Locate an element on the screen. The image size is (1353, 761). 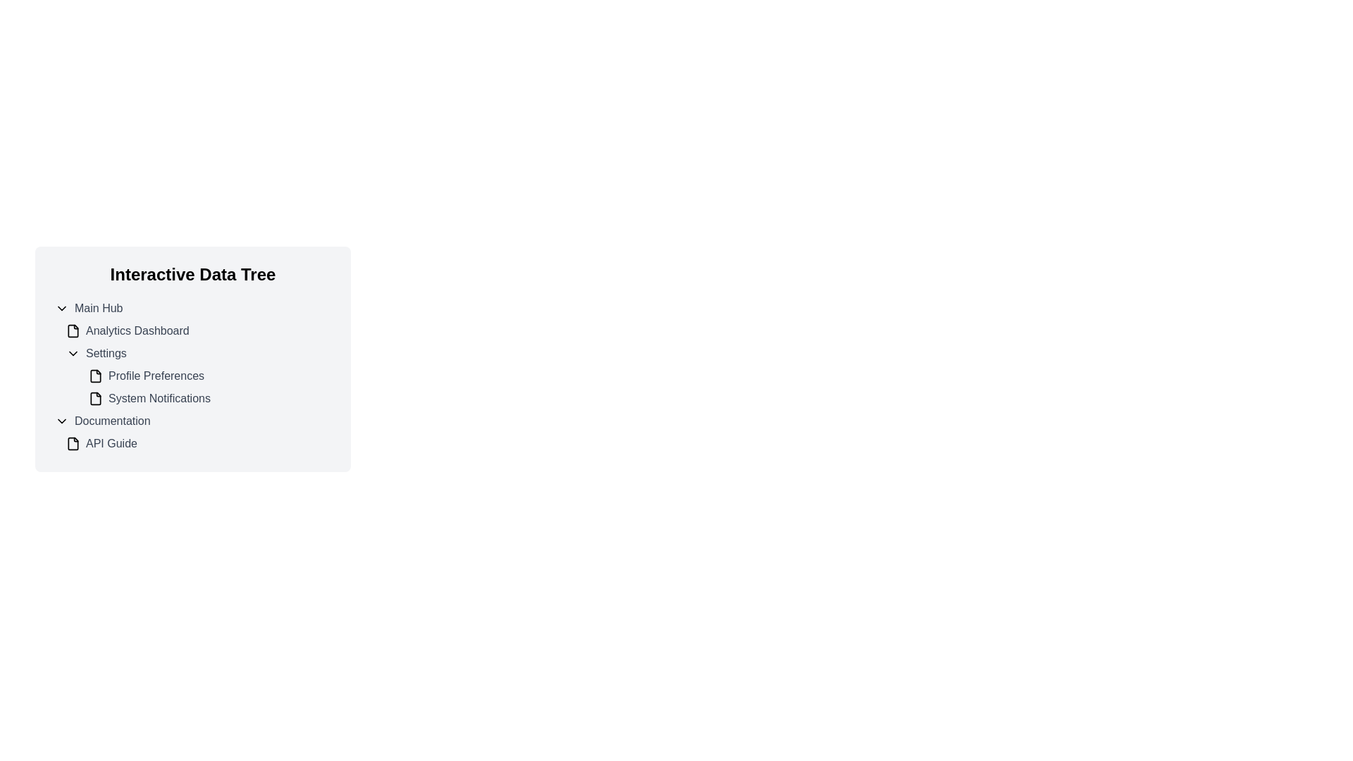
the Text Label directing users to the API guide documentation section, located at the bottom of the 'Documentation' list is located at coordinates (111, 443).